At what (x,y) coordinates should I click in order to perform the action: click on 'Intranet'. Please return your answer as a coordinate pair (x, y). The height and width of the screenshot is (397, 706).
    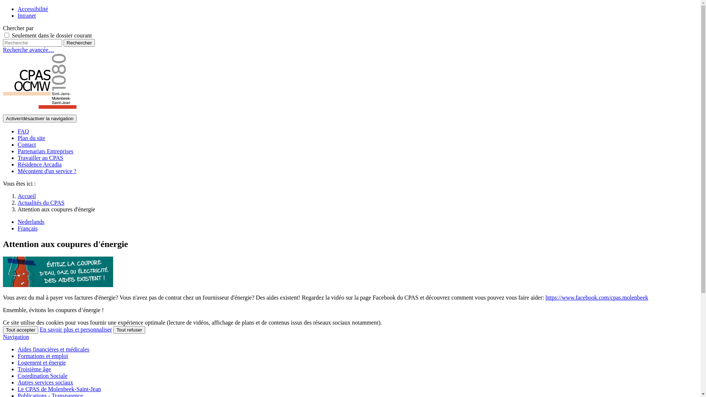
    Looking at the image, I should click on (26, 15).